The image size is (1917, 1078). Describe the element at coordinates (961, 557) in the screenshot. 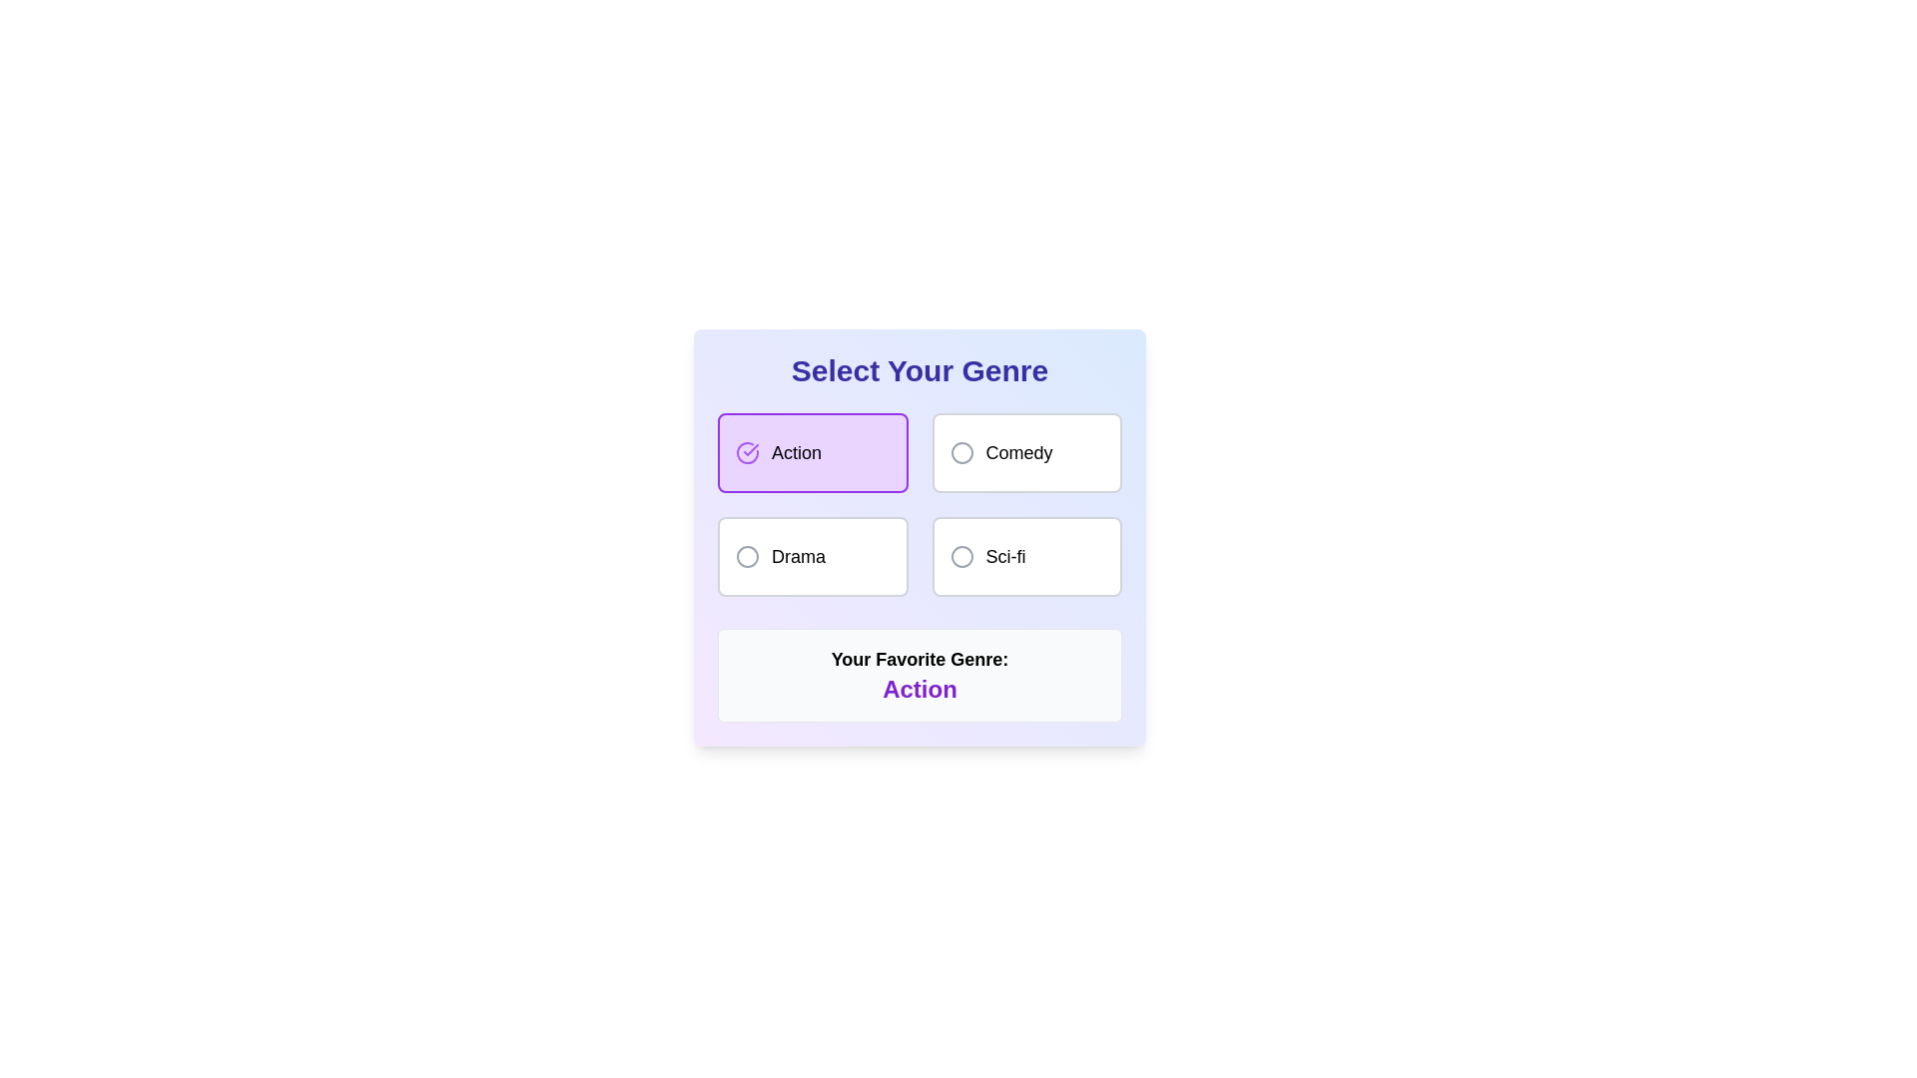

I see `the circular radio button indicator (SVG circle) located in the 'Sci-fi' option's area among the genre selection buttons` at that location.